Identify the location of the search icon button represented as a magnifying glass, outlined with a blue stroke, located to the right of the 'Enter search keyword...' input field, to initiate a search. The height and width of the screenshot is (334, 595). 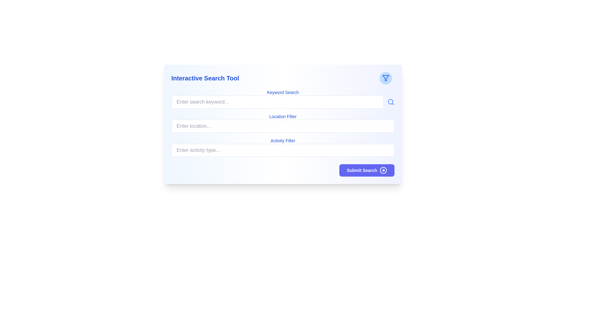
(390, 102).